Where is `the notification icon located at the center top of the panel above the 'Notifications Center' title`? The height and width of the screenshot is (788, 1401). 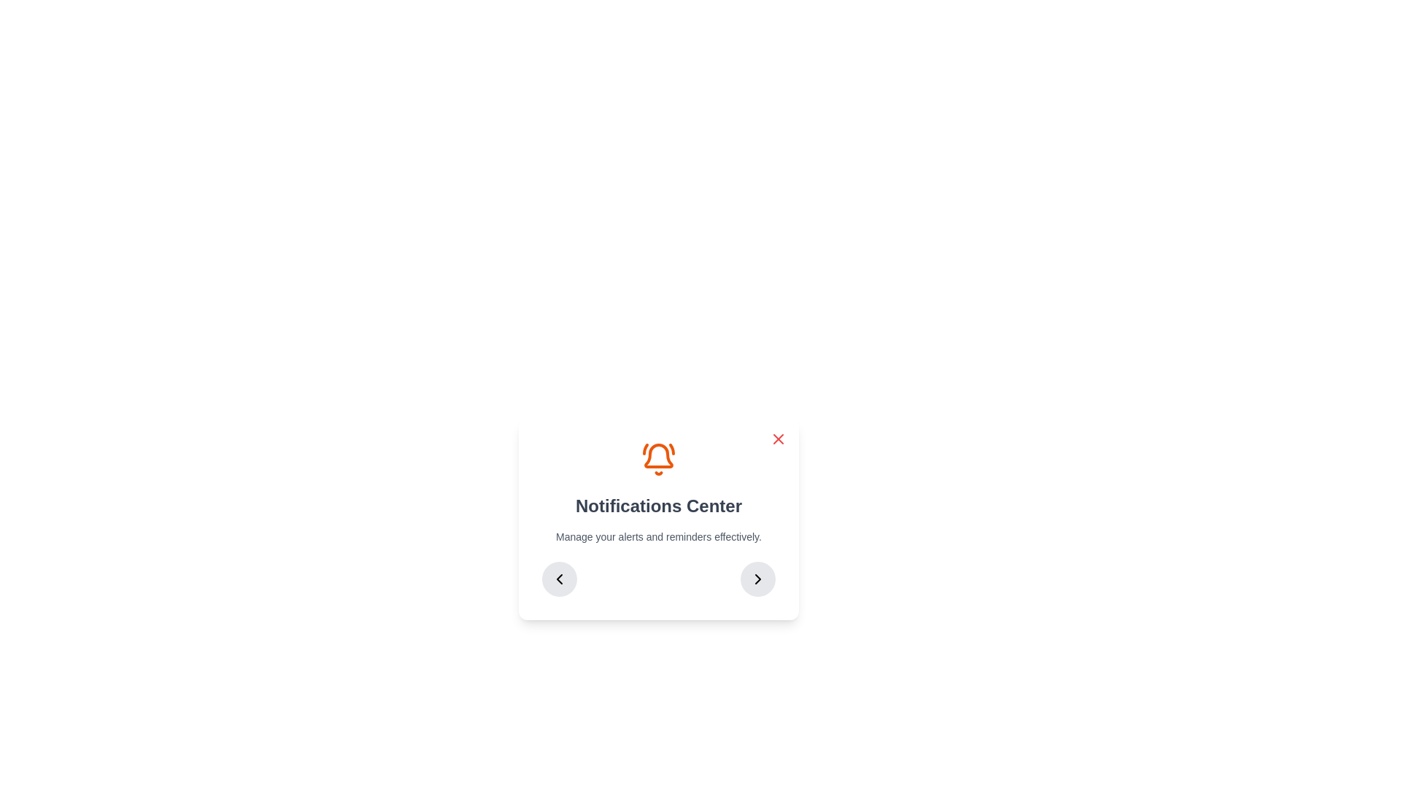
the notification icon located at the center top of the panel above the 'Notifications Center' title is located at coordinates (657, 458).